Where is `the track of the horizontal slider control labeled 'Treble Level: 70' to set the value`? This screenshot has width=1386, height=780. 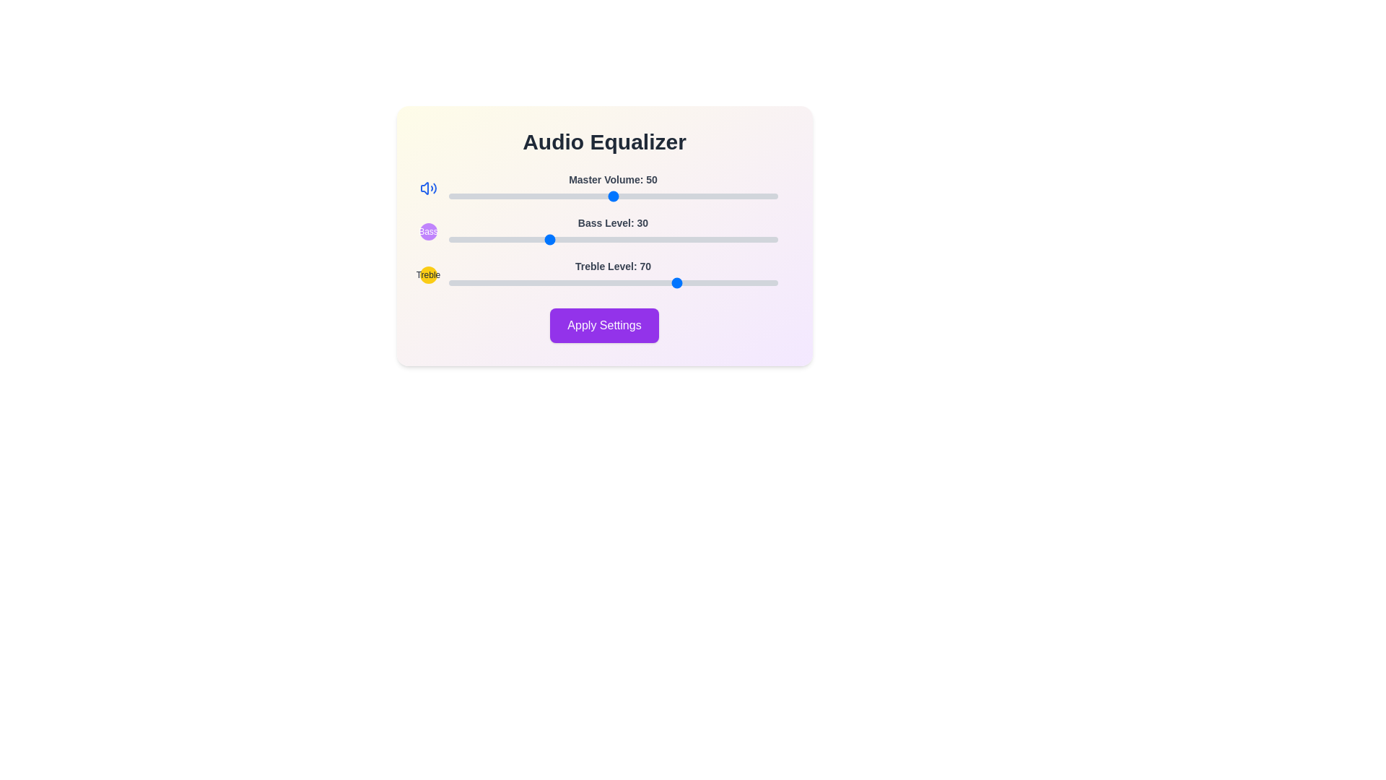 the track of the horizontal slider control labeled 'Treble Level: 70' to set the value is located at coordinates (613, 283).